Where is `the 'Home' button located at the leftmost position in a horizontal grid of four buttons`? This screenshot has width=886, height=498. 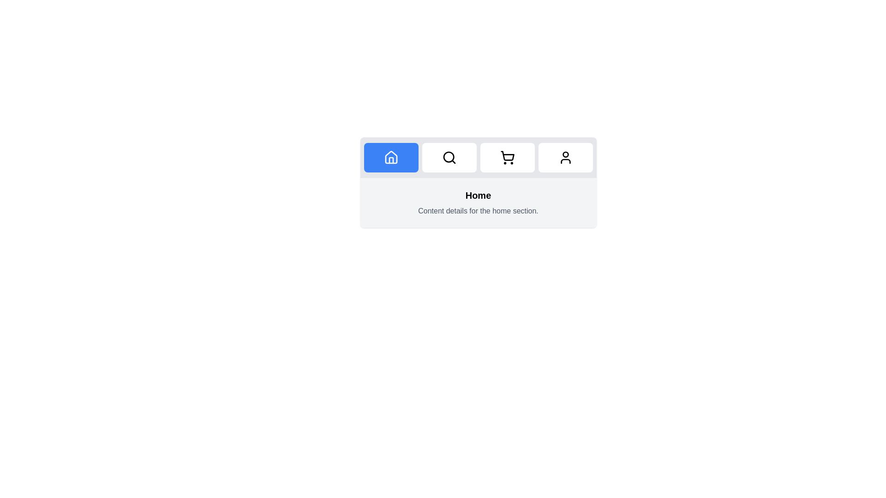
the 'Home' button located at the leftmost position in a horizontal grid of four buttons is located at coordinates (391, 157).